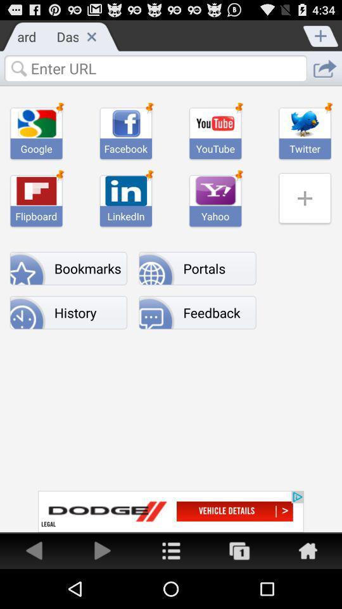 The image size is (342, 609). I want to click on open new tab, so click(321, 34).